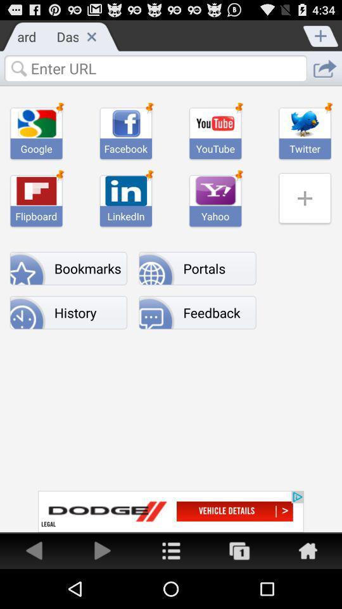 The image size is (342, 609). I want to click on open new tab, so click(321, 34).